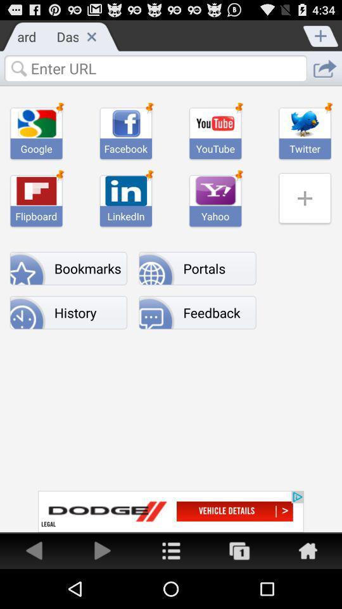 The image size is (342, 609). I want to click on open new tab, so click(321, 34).